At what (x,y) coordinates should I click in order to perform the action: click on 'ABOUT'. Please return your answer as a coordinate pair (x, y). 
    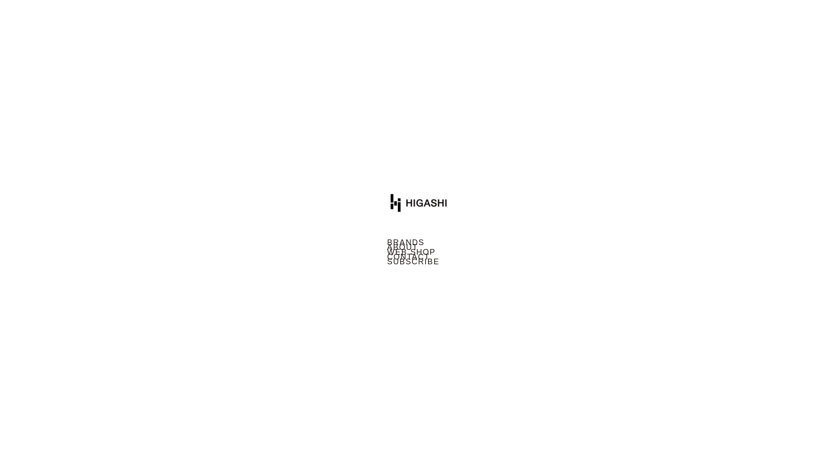
    Looking at the image, I should click on (418, 247).